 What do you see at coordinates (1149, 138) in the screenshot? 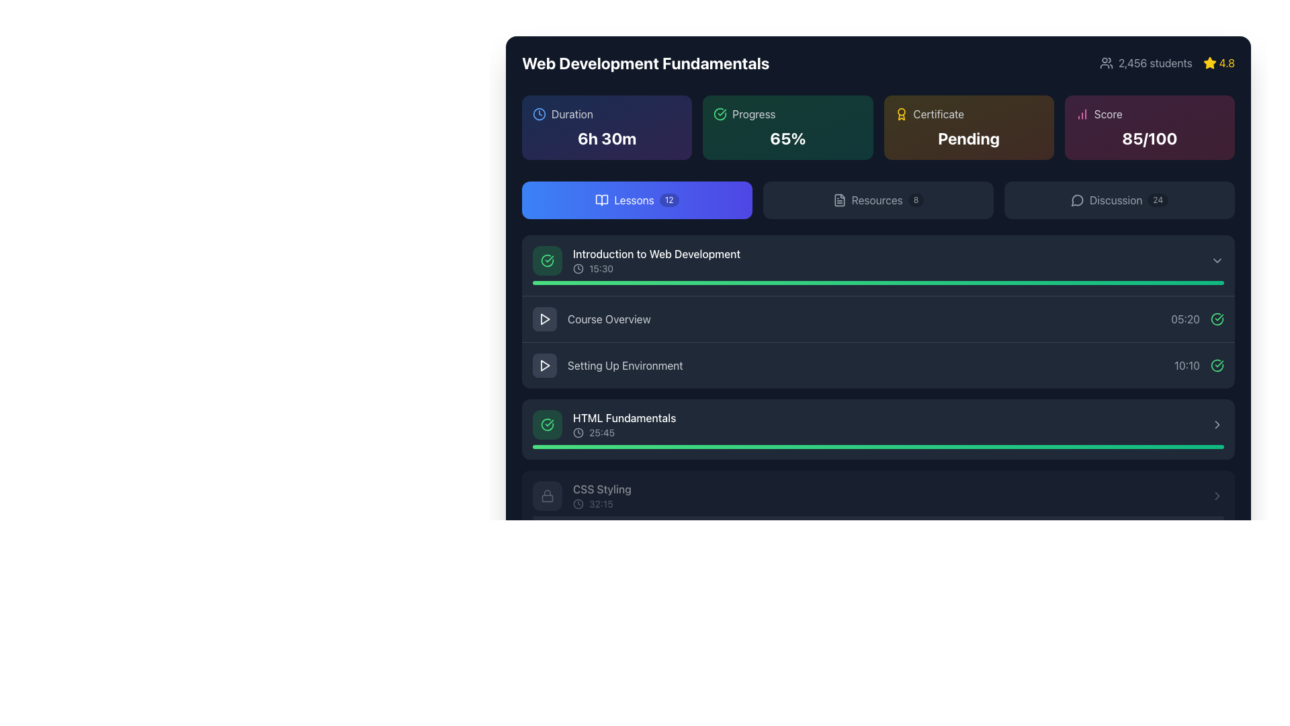
I see `the Text Display showing '85/100' in bold white text over a dark purple background, located in the top-right section of the interface within the 'Score' card` at bounding box center [1149, 138].